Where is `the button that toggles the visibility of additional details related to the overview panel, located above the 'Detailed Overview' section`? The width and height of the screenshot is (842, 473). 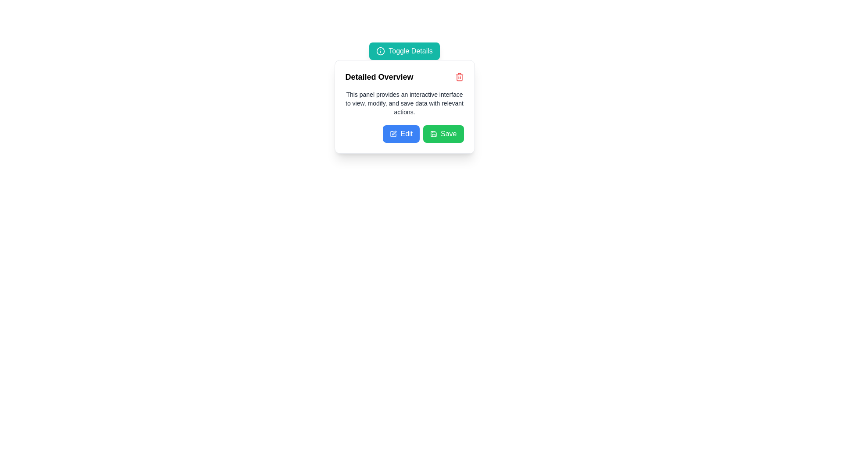 the button that toggles the visibility of additional details related to the overview panel, located above the 'Detailed Overview' section is located at coordinates (404, 51).